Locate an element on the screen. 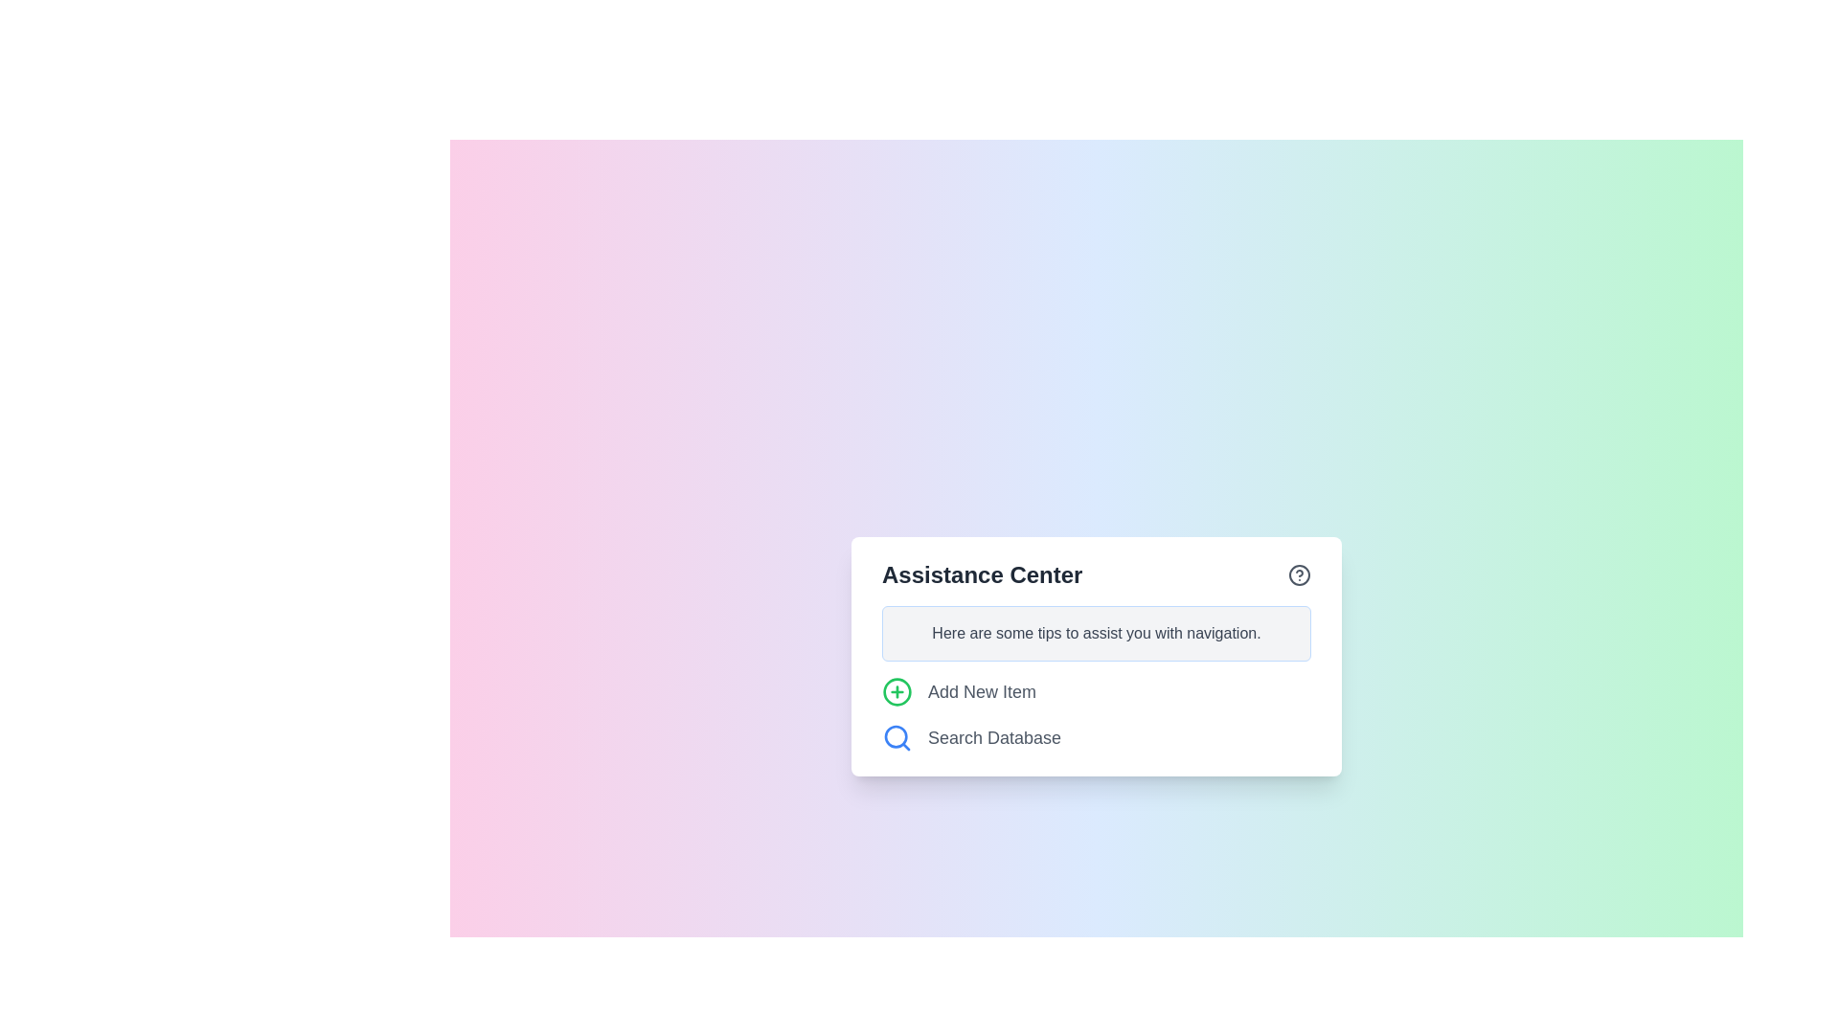 Image resolution: width=1839 pixels, height=1034 pixels. text content of the label that describes the action for the adjacent green plus-circle icon, which indicates the creation of a new item in the Assistance Center interface is located at coordinates (982, 691).